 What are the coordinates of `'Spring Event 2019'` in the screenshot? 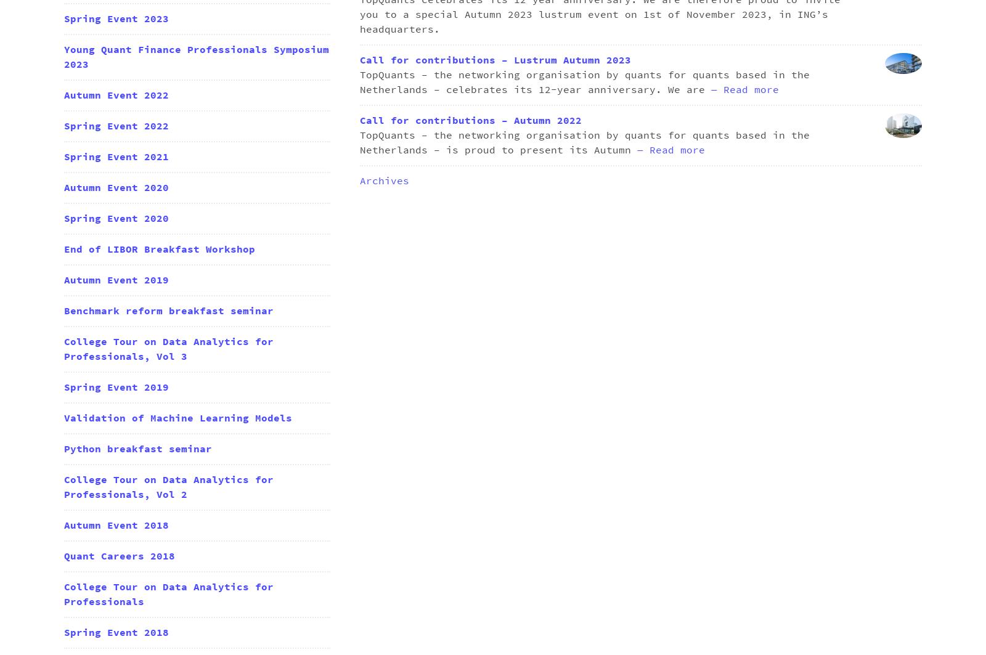 It's located at (115, 386).